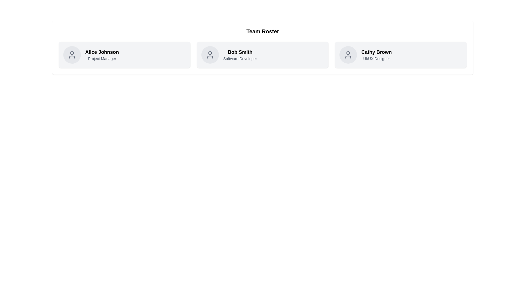 Image resolution: width=526 pixels, height=295 pixels. What do you see at coordinates (348, 53) in the screenshot?
I see `the SVG circle element that represents the user's head in the user icon for Cathy Brown - UI/UX Designer, located in the Team Roster section` at bounding box center [348, 53].